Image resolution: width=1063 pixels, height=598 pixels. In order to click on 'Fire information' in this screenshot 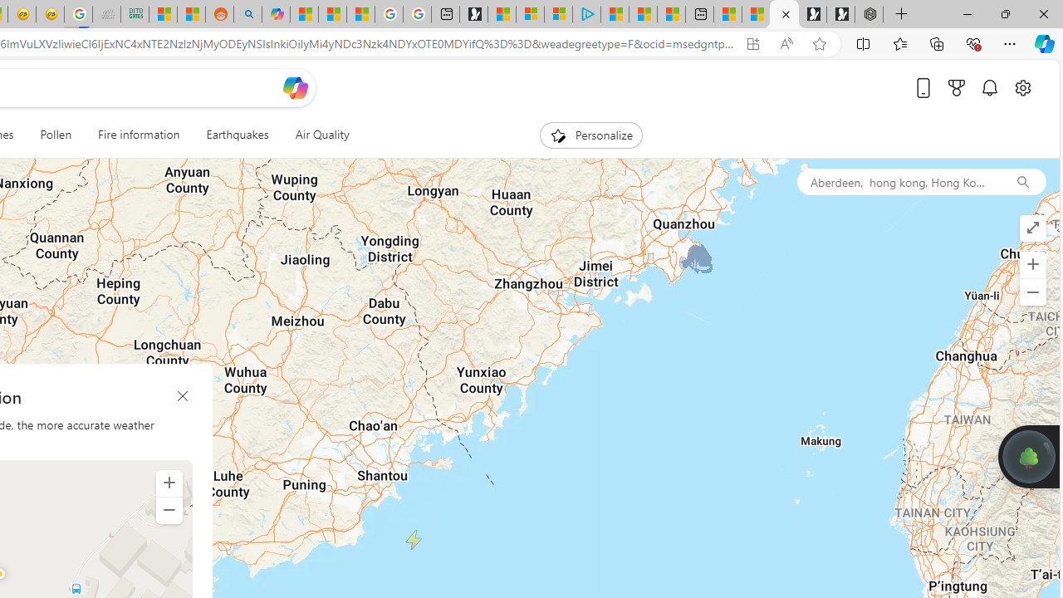, I will do `click(139, 135)`.